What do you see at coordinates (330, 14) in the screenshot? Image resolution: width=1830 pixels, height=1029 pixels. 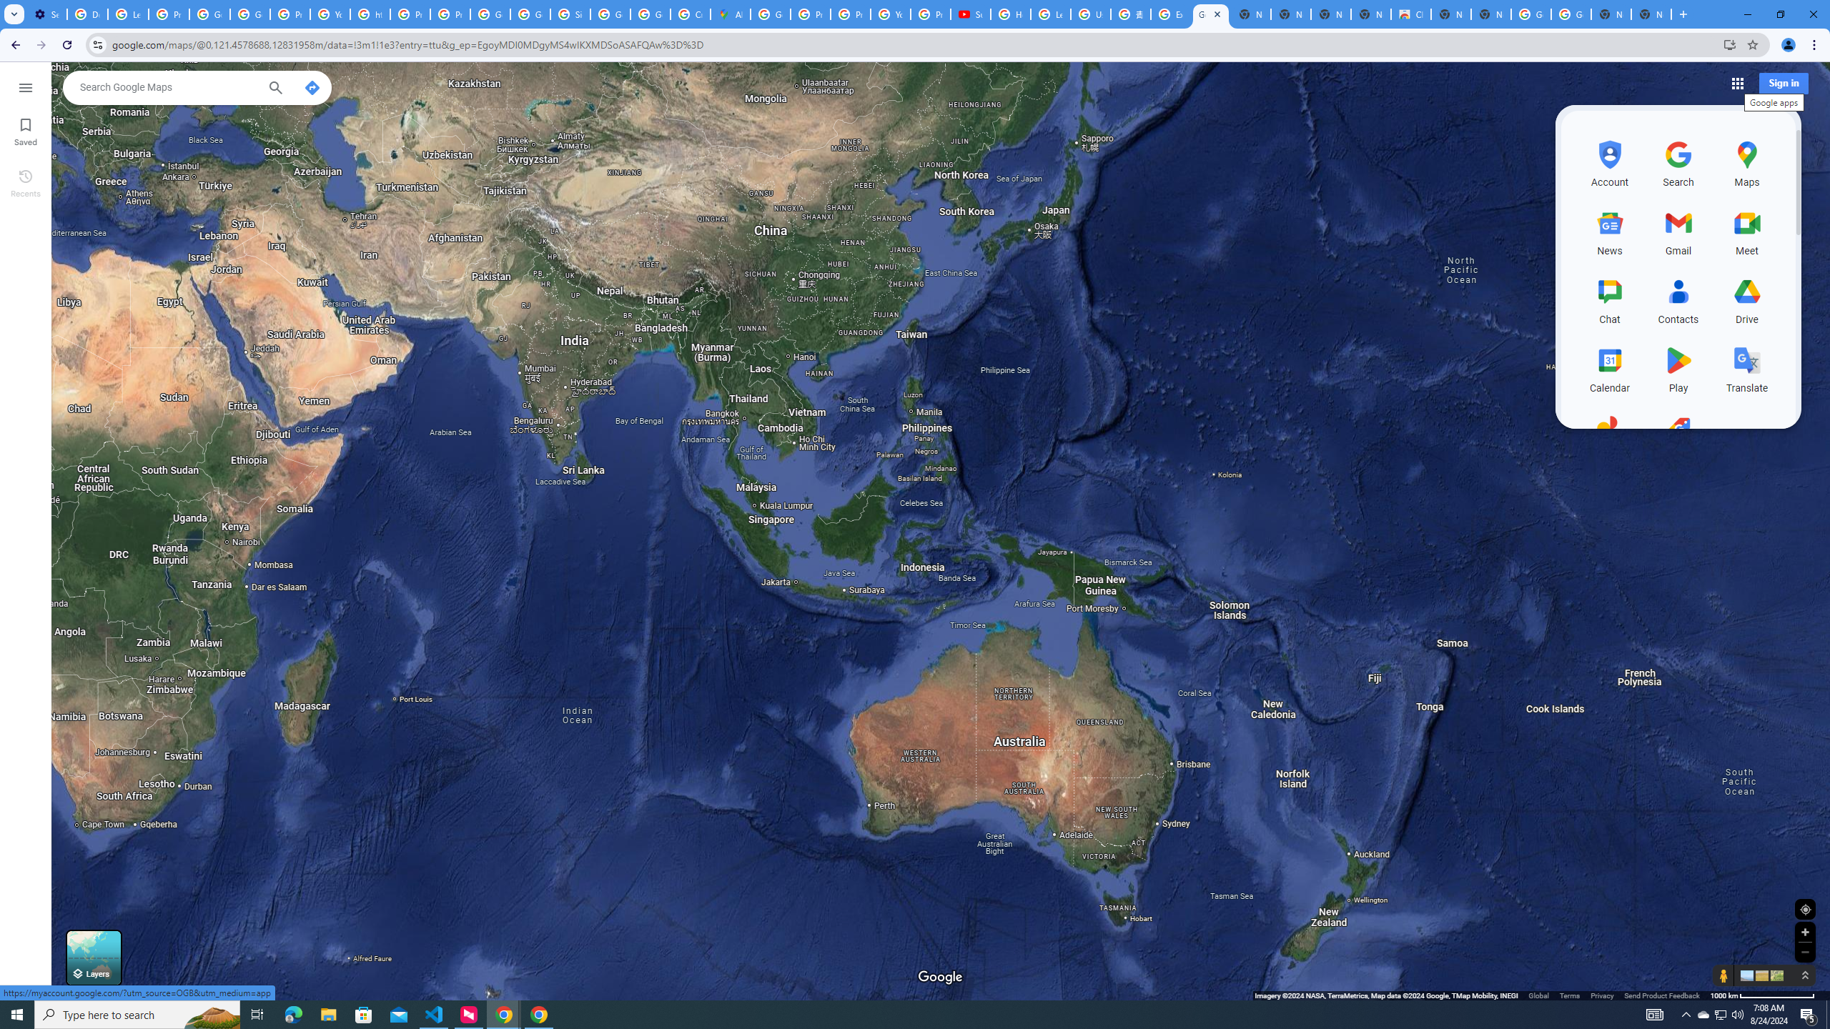 I see `'YouTube'` at bounding box center [330, 14].